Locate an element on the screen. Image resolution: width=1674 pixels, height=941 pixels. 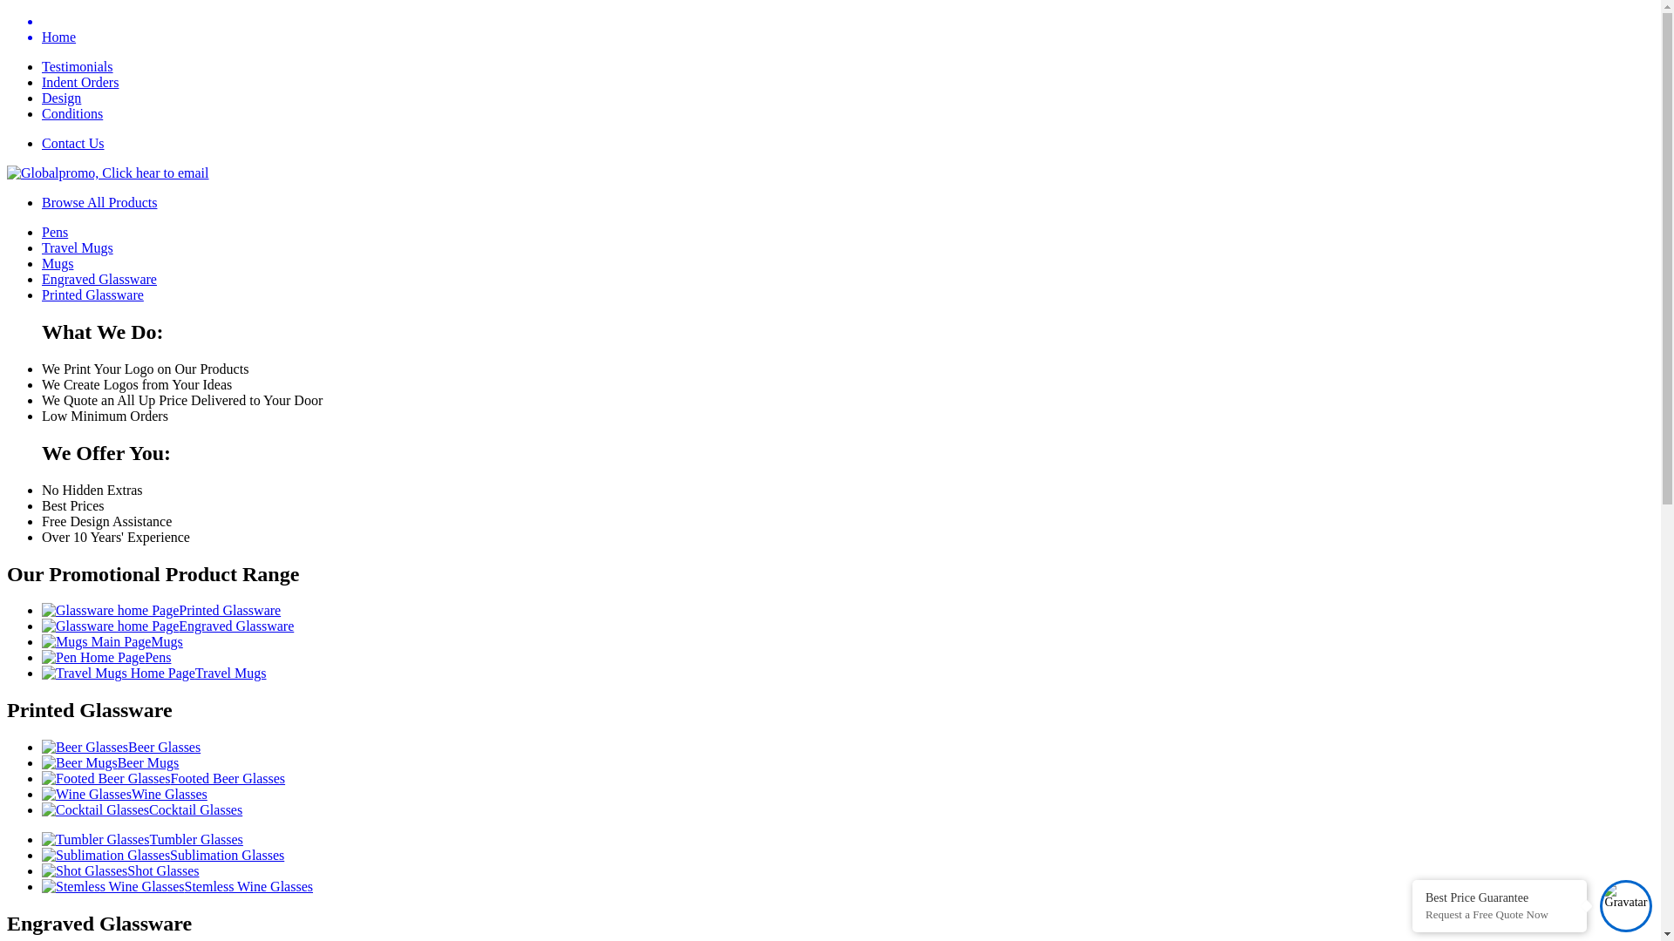
'Home' is located at coordinates (847, 30).